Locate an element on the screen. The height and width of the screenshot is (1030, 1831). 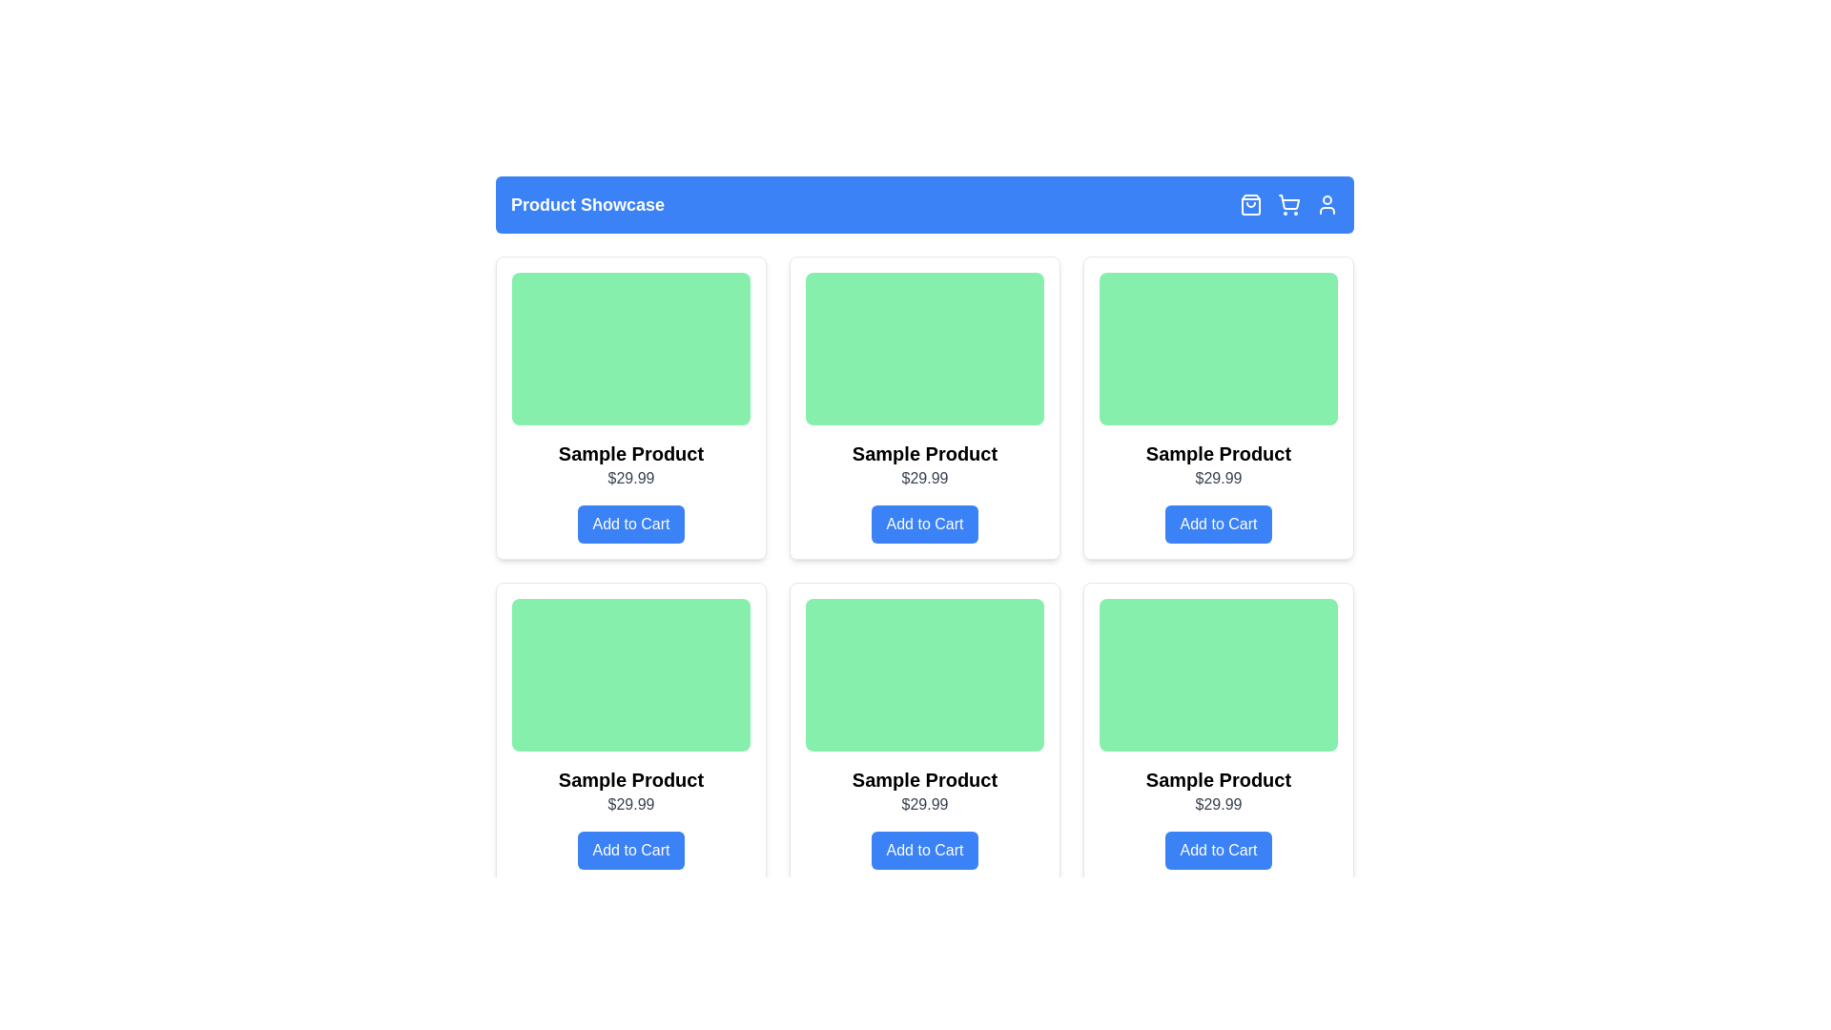
the Text label displaying the price of the product, which is positioned below the title 'Sample Product' and above the 'Add to Cart' button is located at coordinates (631, 477).